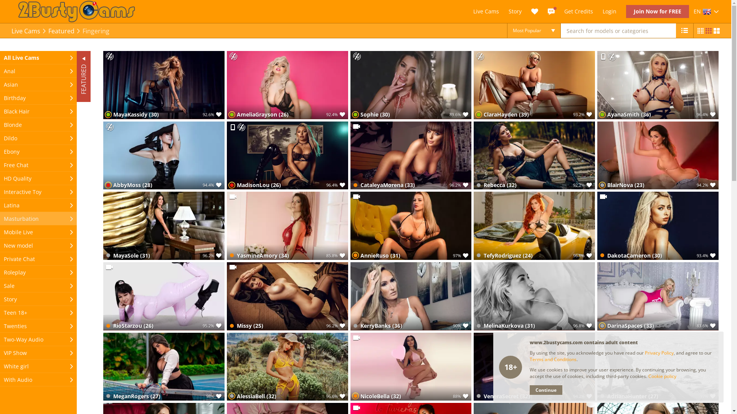 Image resolution: width=737 pixels, height=414 pixels. I want to click on 'Live Cams', so click(26, 31).